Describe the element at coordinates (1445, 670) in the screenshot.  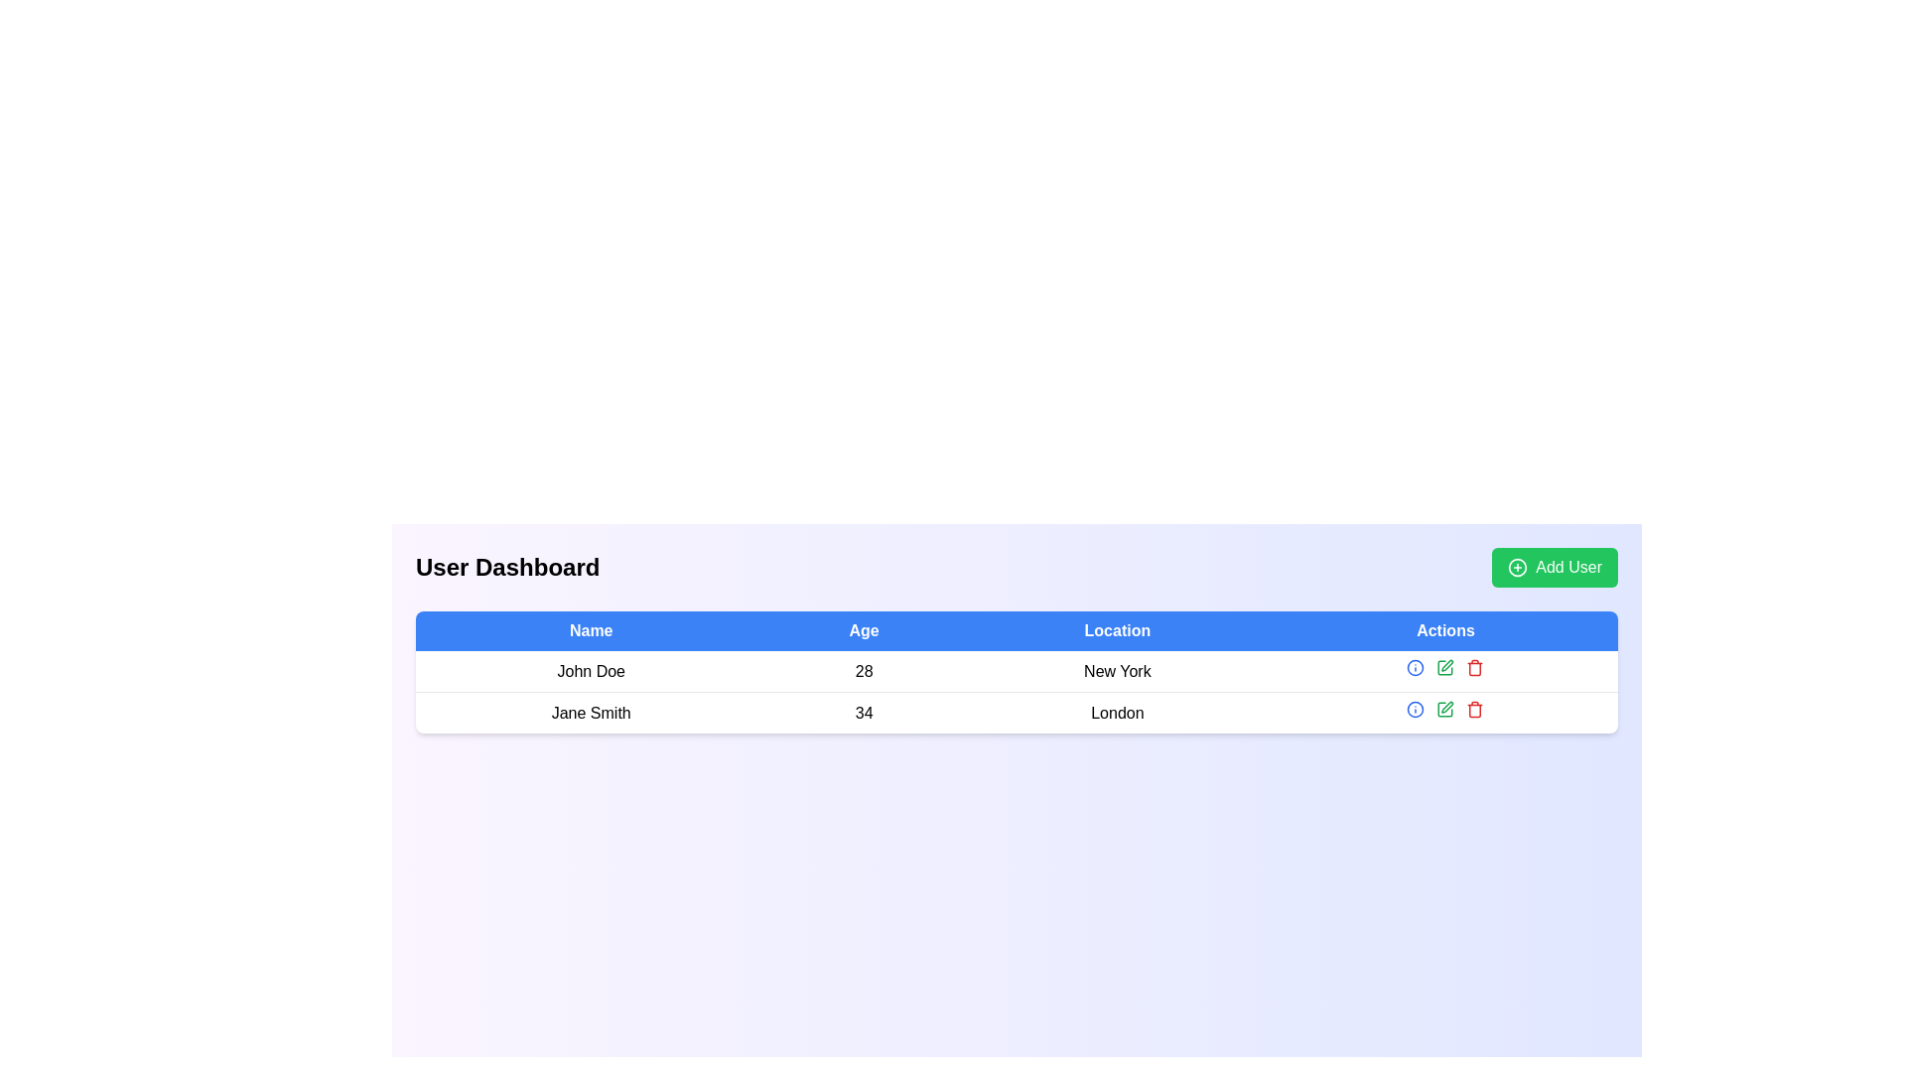
I see `the edit button located in the 'Actions' column of the user data table, which is the last column in the first row containing the colored icons` at that location.